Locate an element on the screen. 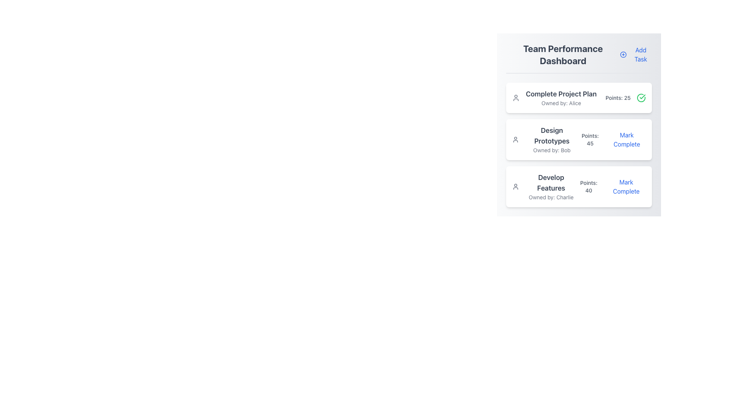  the text block containing 'Design Prototypes Owned by: Bob' with an icon of a person, located in the middle card of the 'Team Performance Dashboard' section is located at coordinates (545, 139).